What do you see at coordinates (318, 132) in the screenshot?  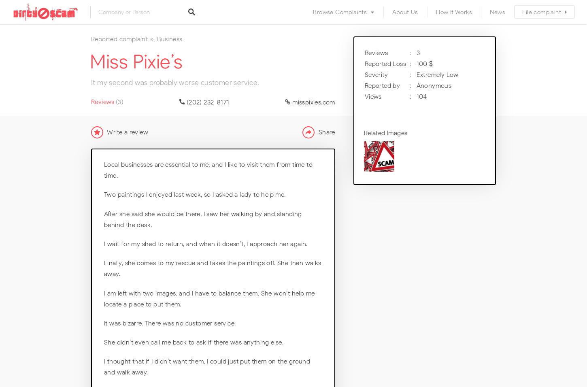 I see `'Share'` at bounding box center [318, 132].